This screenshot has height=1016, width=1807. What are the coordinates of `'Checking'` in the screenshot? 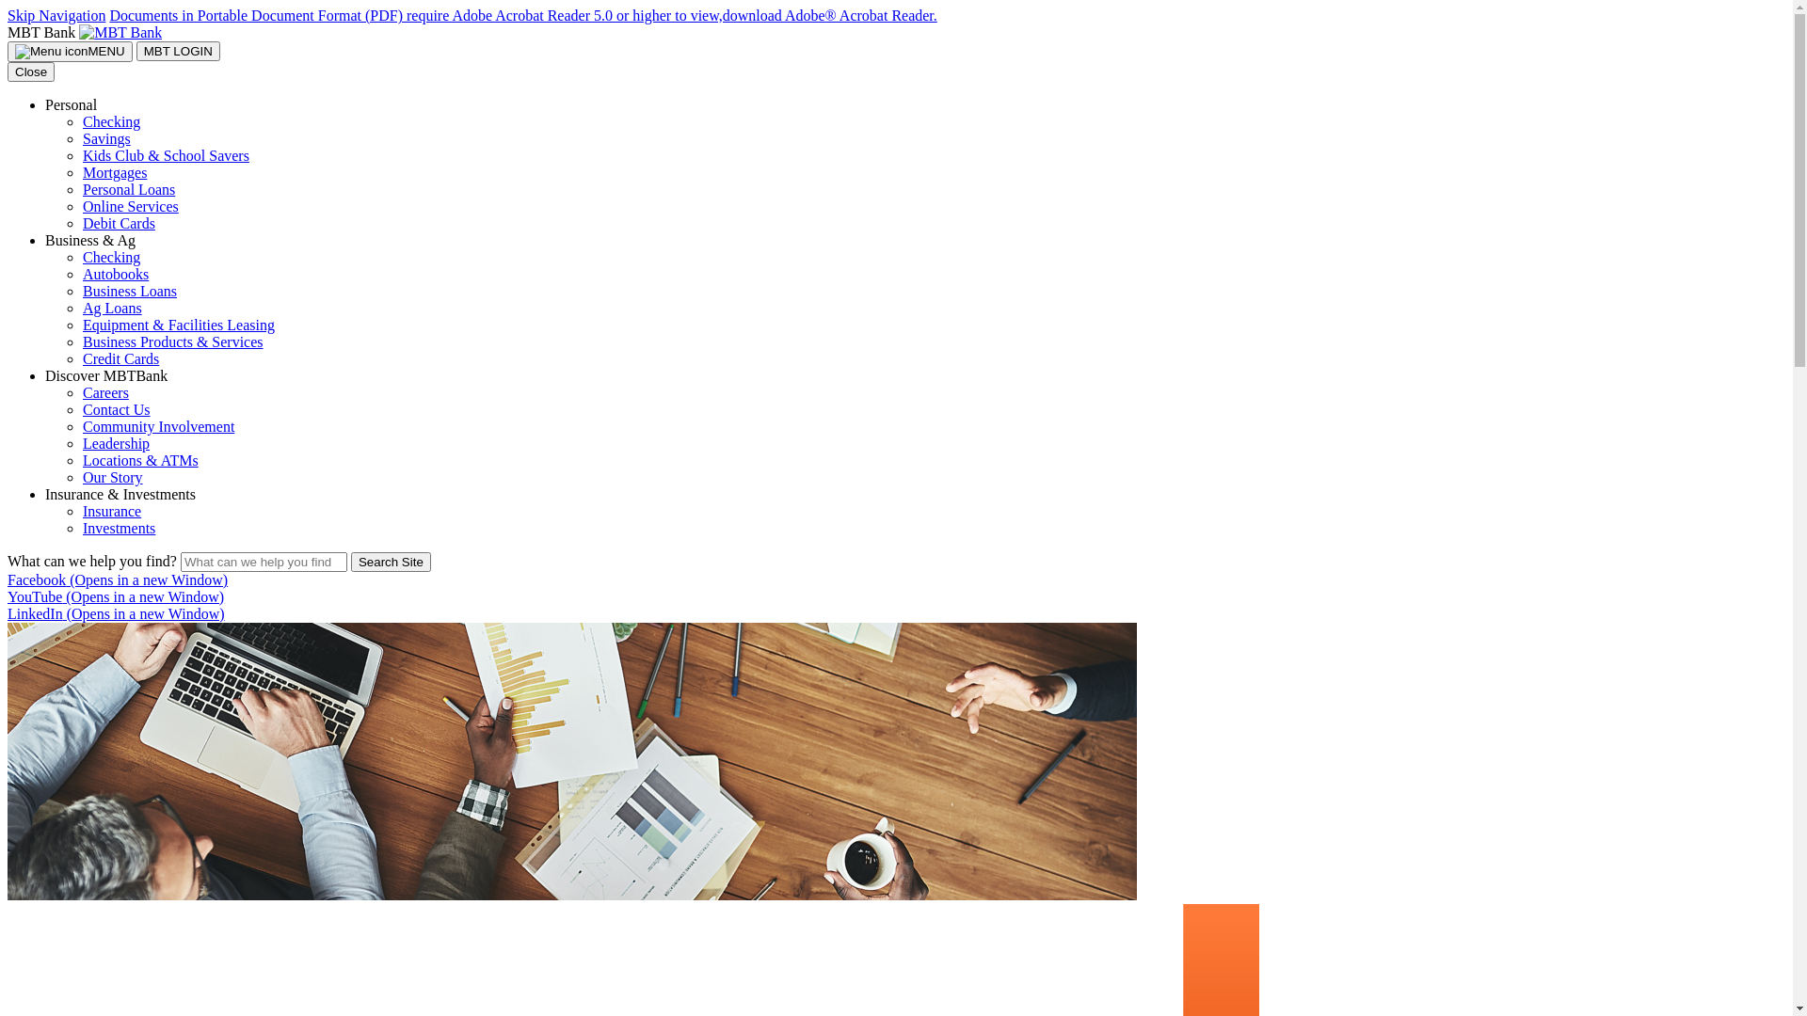 It's located at (110, 121).